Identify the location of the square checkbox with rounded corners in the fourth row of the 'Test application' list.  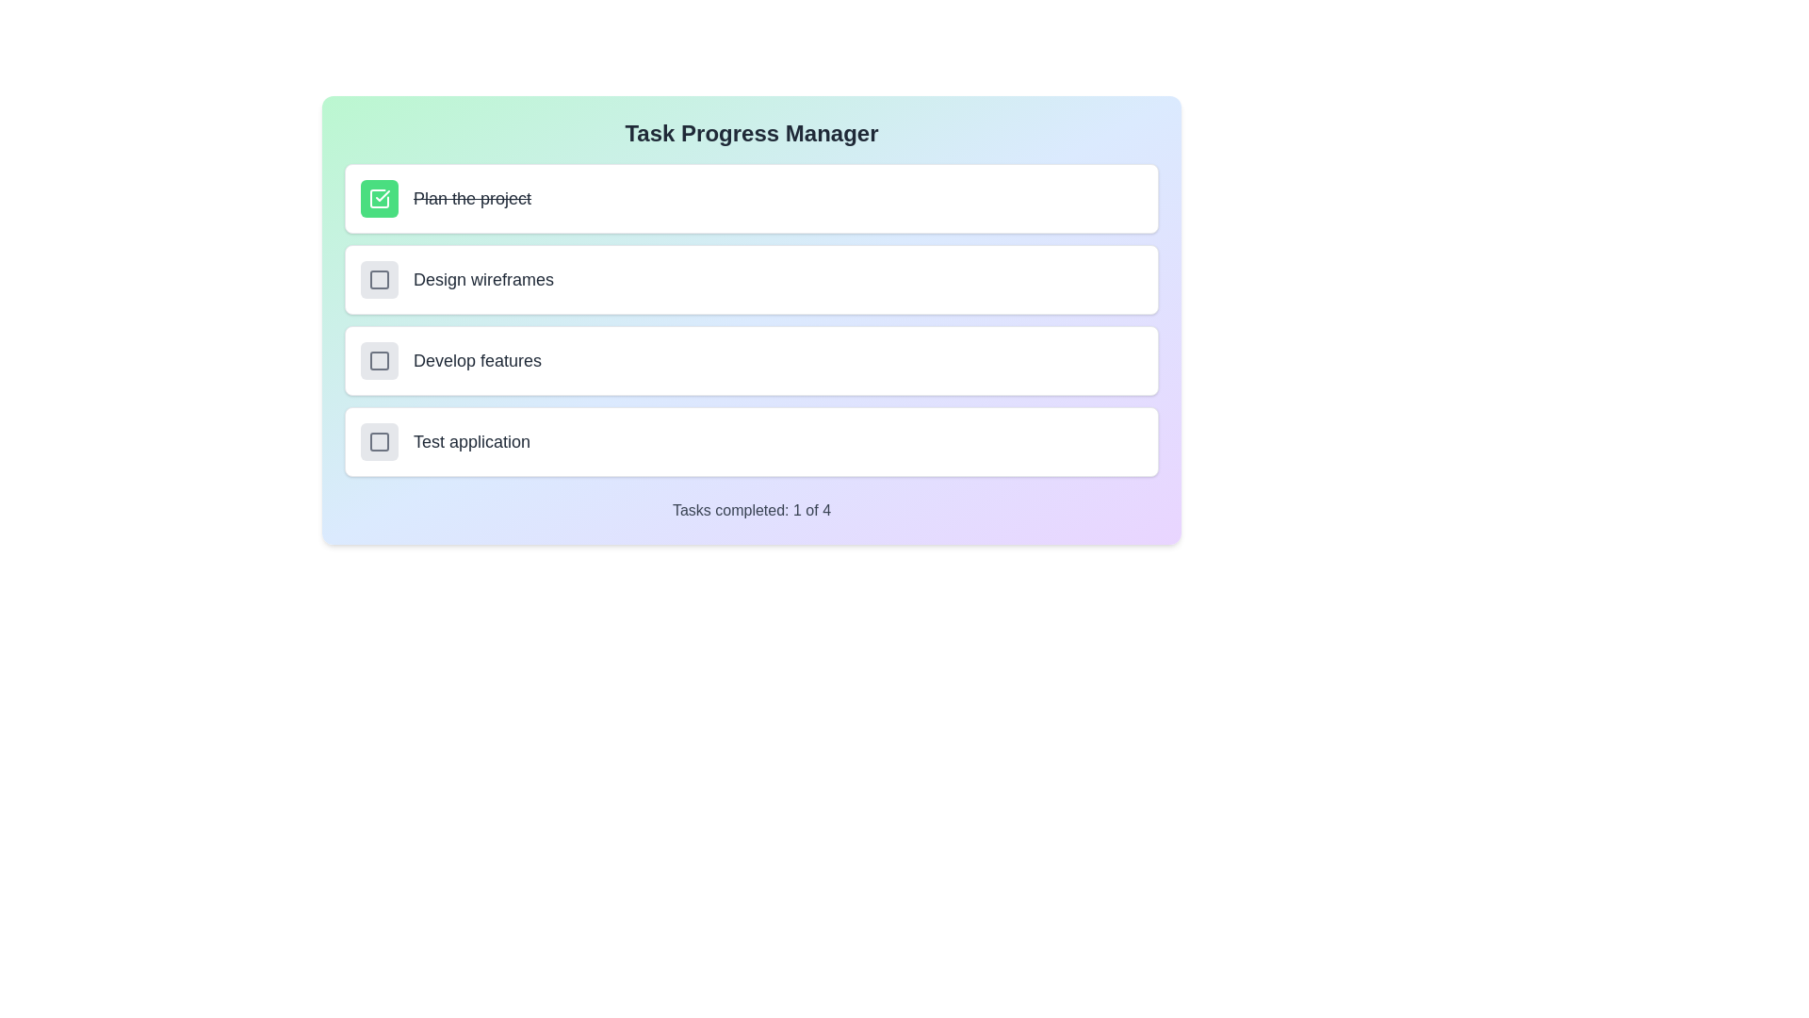
(379, 442).